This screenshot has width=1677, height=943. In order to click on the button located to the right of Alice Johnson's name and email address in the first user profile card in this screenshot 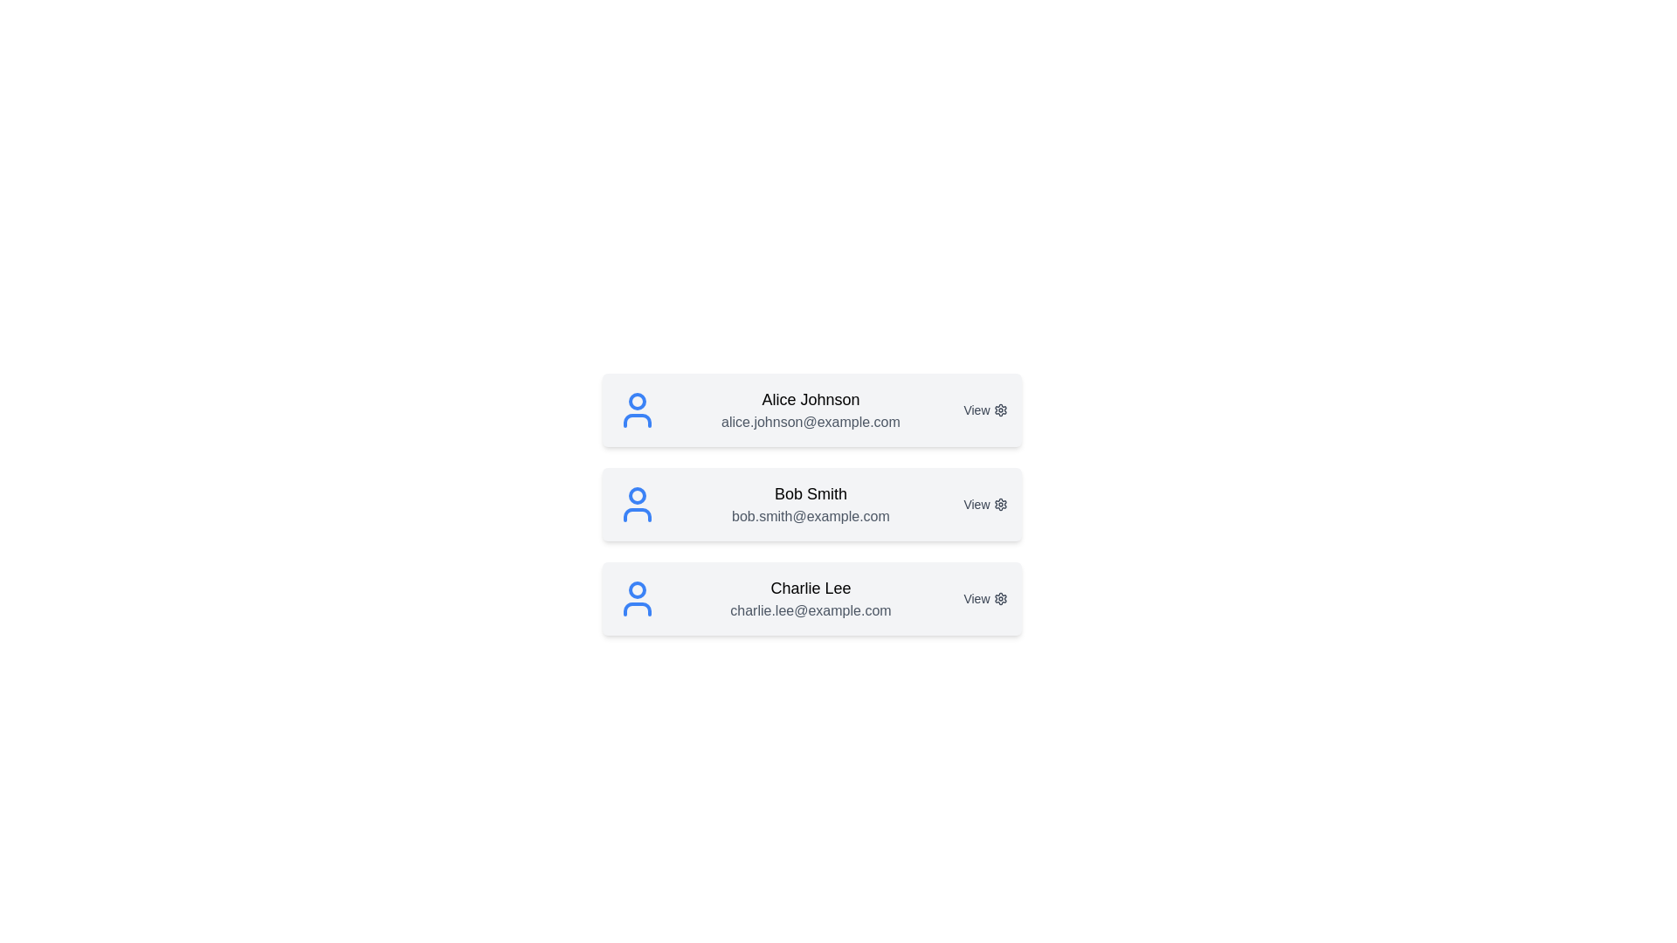, I will do `click(985, 410)`.